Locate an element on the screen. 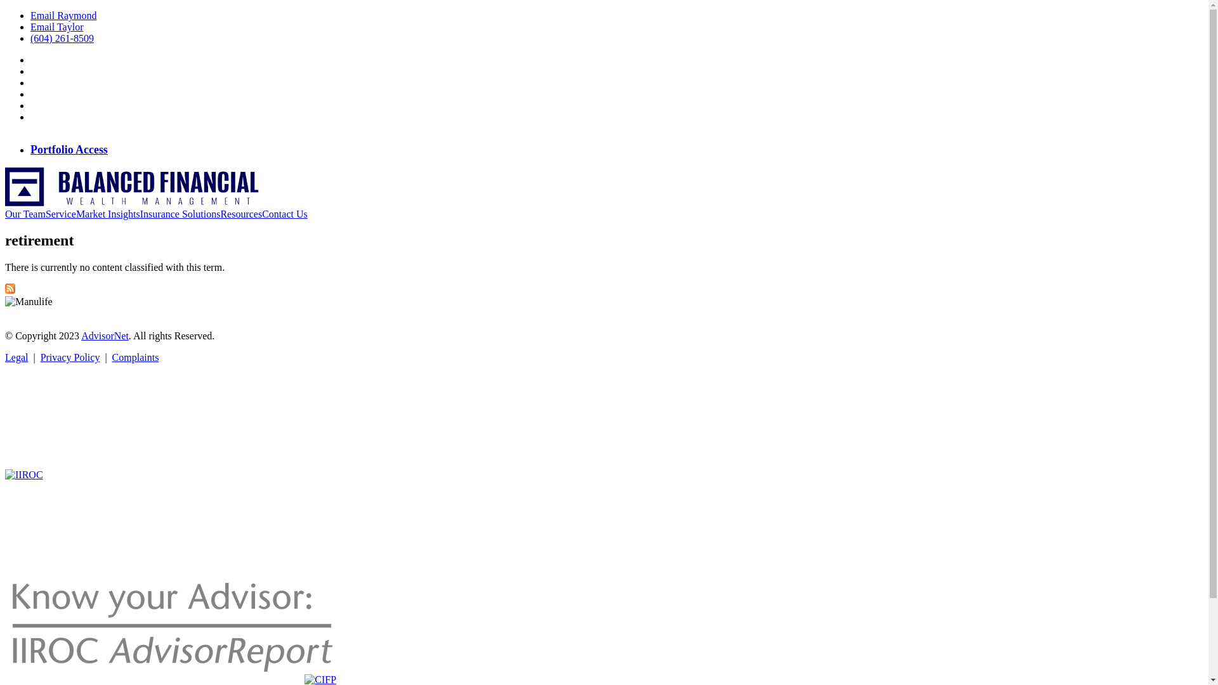  'Subscribe to RSS - retirement' is located at coordinates (10, 290).